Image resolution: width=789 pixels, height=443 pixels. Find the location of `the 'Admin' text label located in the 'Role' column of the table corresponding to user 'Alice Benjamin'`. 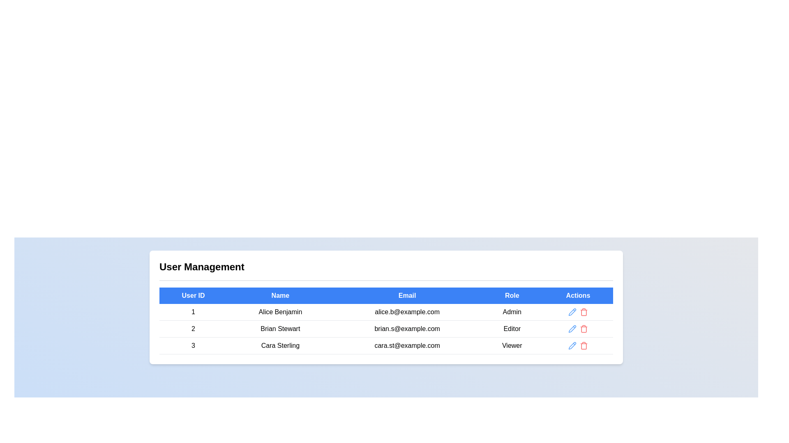

the 'Admin' text label located in the 'Role' column of the table corresponding to user 'Alice Benjamin' is located at coordinates (512, 312).